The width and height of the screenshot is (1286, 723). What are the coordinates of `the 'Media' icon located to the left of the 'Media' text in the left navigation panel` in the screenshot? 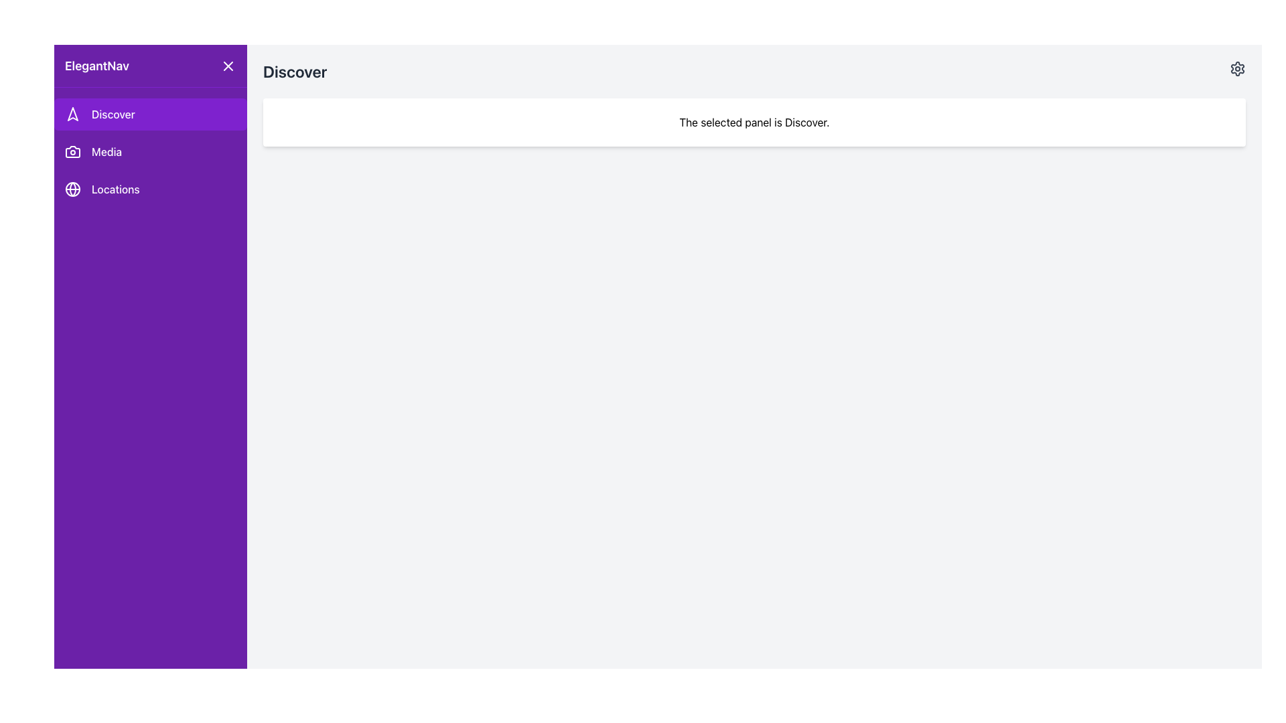 It's located at (72, 151).